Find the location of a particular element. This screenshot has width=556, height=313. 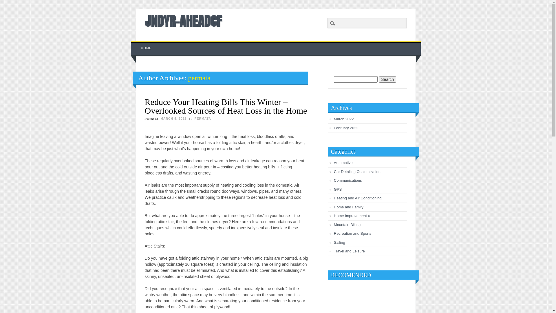

'Home and Family' is located at coordinates (348, 207).